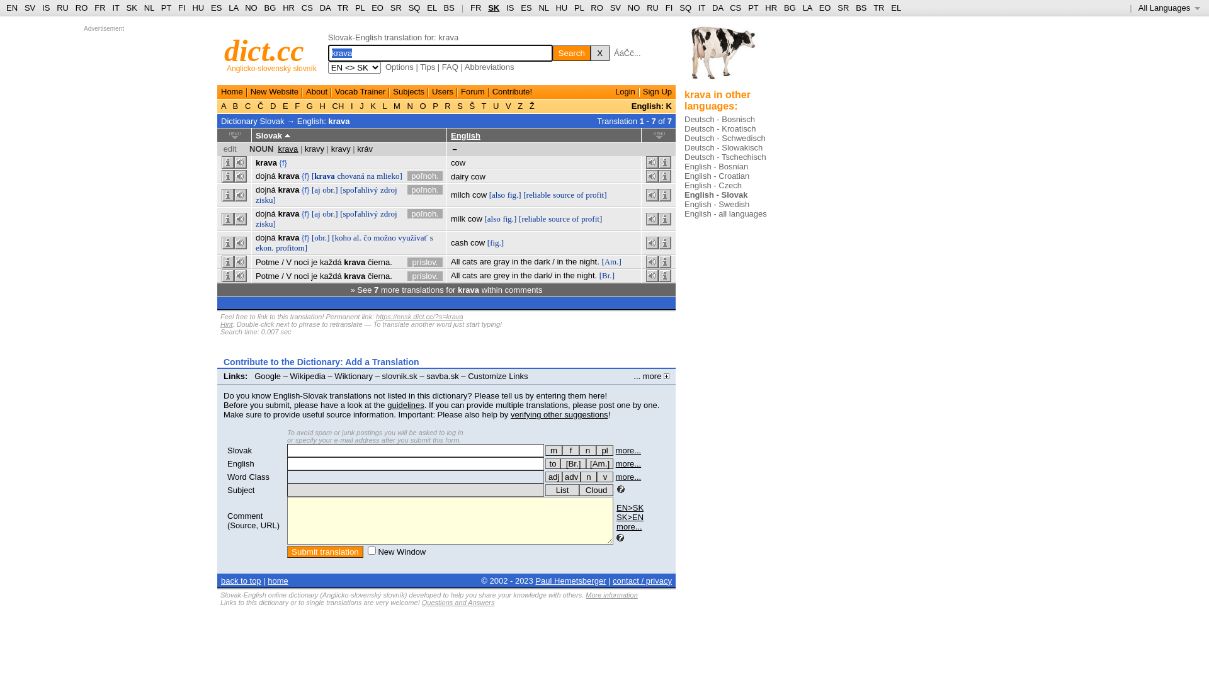 This screenshot has height=680, width=1209. I want to click on 'Sign Up', so click(656, 91).